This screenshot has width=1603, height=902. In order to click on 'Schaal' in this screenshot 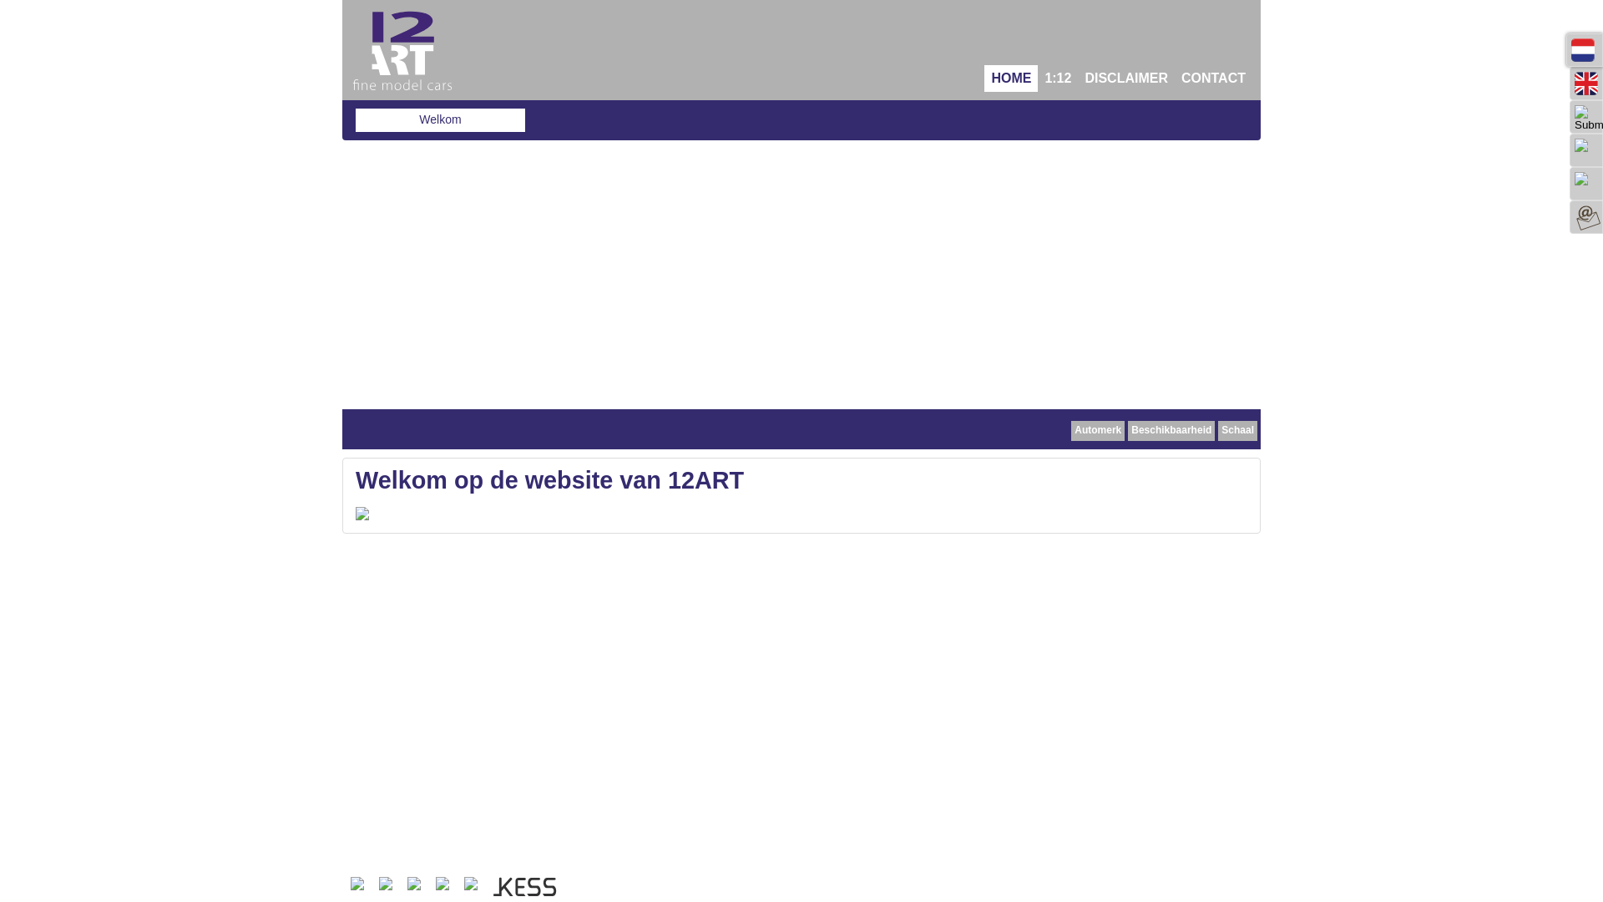, I will do `click(1237, 430)`.